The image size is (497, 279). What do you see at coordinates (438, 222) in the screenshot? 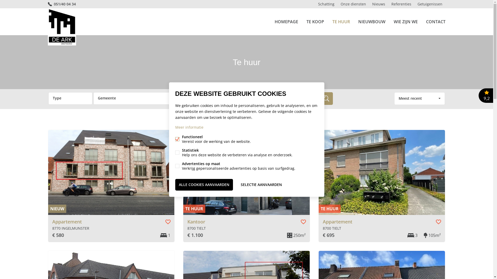
I see `'Favoriet'` at bounding box center [438, 222].